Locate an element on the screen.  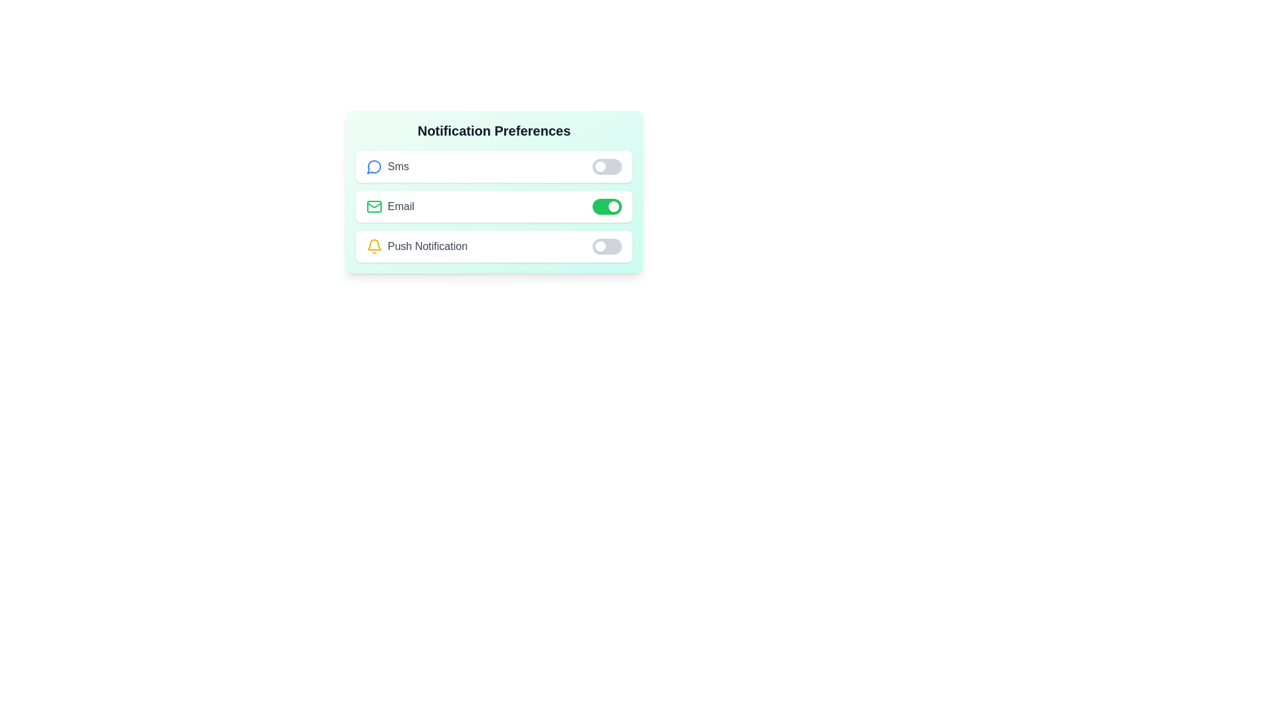
the Email notification icon, which is visually represented adjacent to the toggle switch and labeled 'Email' is located at coordinates (373, 205).